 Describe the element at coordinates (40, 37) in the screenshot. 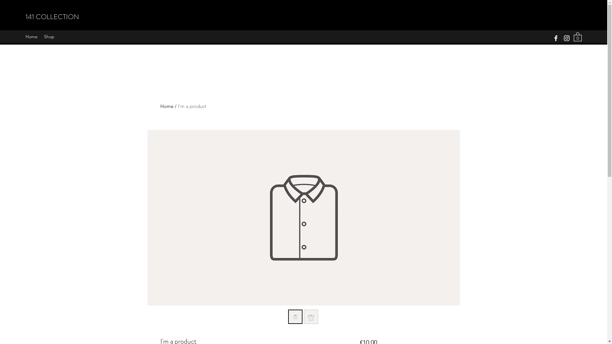

I see `'Shop'` at that location.